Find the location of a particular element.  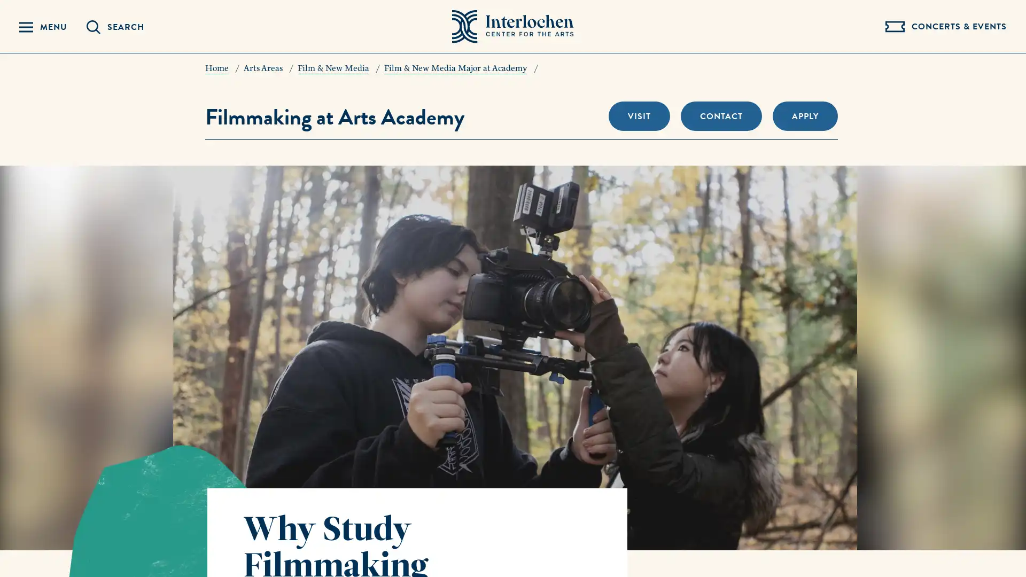

Reveal Navigation is located at coordinates (43, 26).